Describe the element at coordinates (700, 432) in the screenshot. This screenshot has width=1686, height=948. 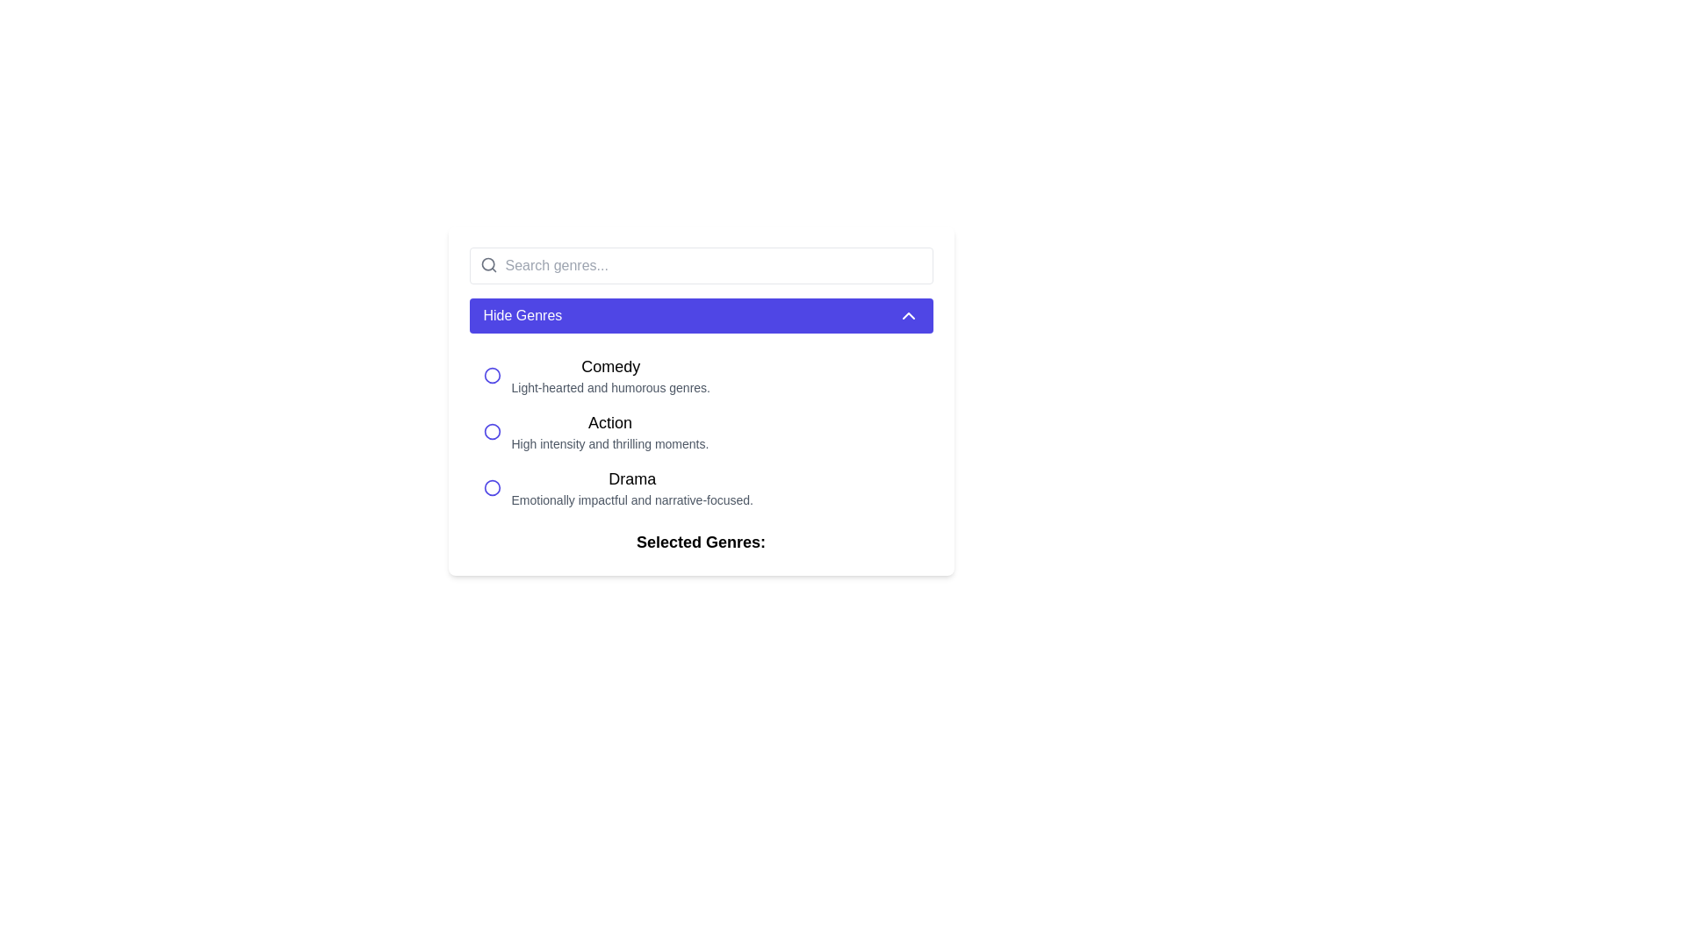
I see `the 'Action' option in the list of selectable items with radio buttons for additional details` at that location.